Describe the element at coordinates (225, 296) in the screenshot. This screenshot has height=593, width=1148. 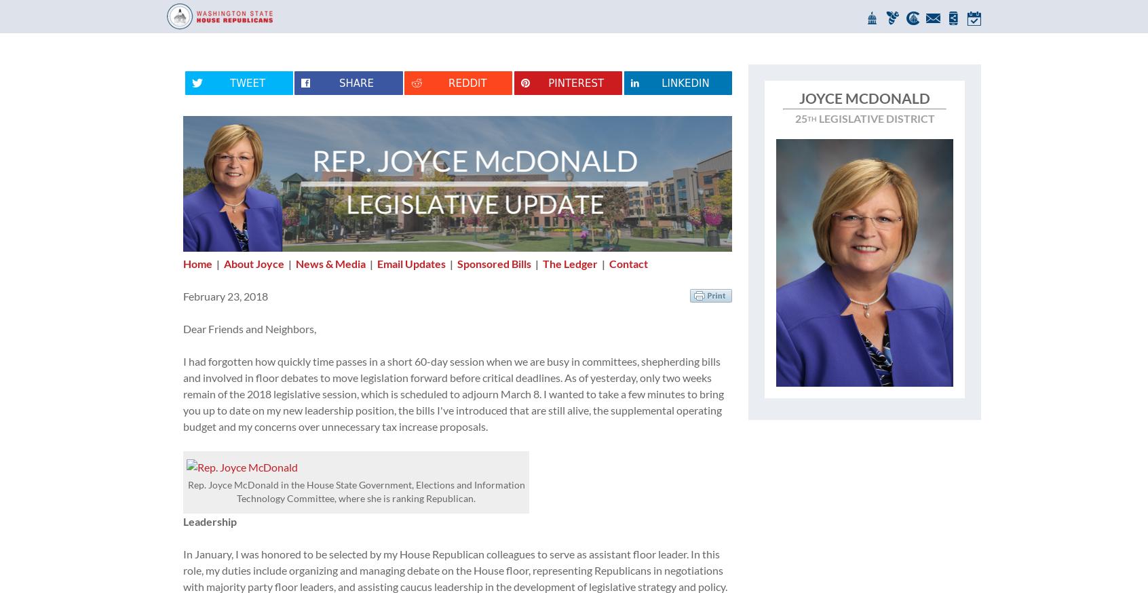
I see `'February 23, 2018'` at that location.